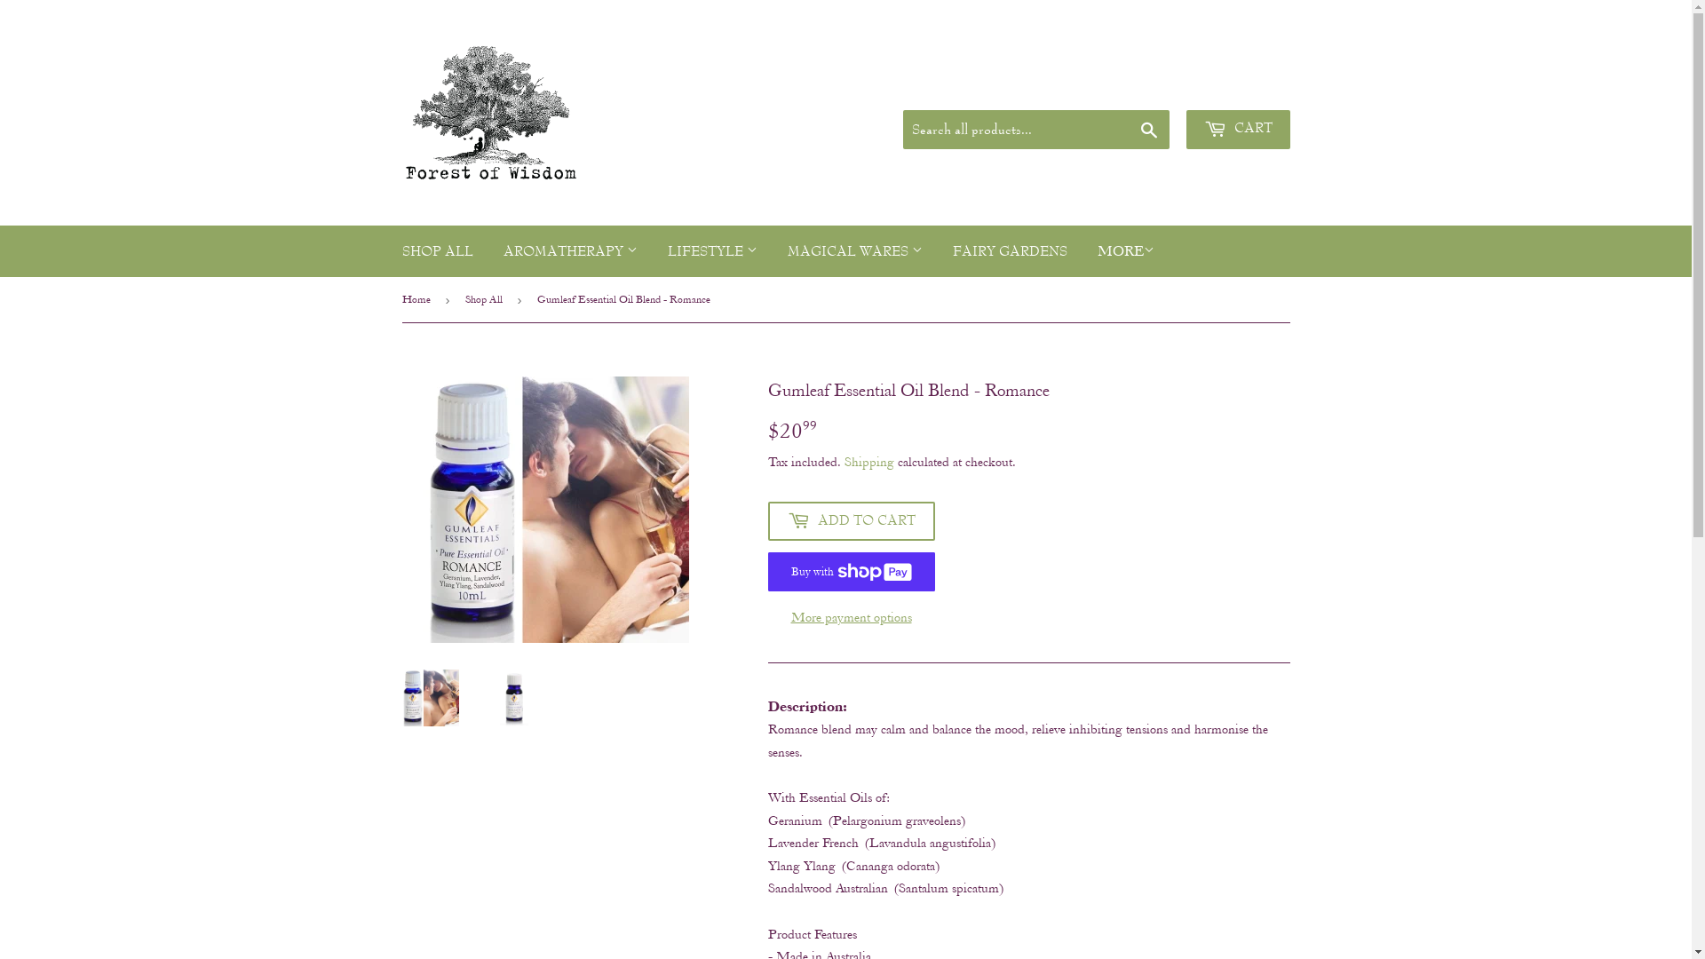  What do you see at coordinates (438, 251) in the screenshot?
I see `'SHOP ALL'` at bounding box center [438, 251].